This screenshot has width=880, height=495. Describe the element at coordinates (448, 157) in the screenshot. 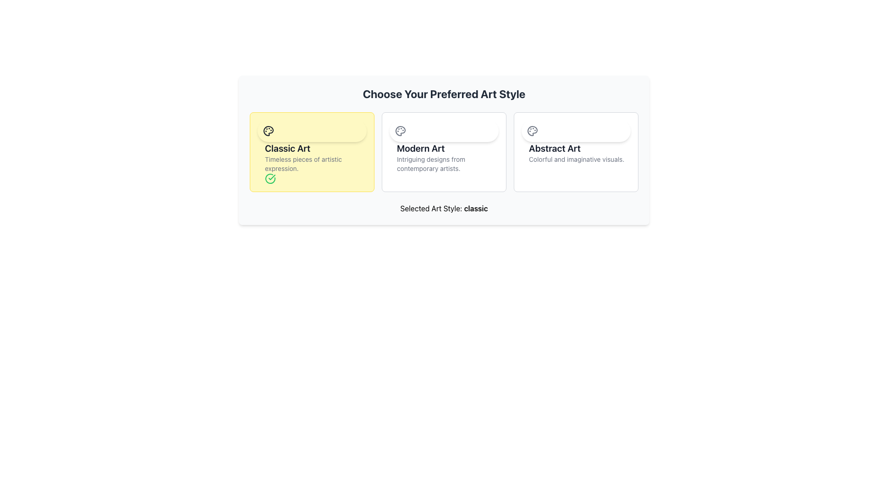

I see `the textual content block describing the 'Modern Art' option, which is the second option in a three-column layout below the heading 'Choose Your Preferred Art Style'` at that location.